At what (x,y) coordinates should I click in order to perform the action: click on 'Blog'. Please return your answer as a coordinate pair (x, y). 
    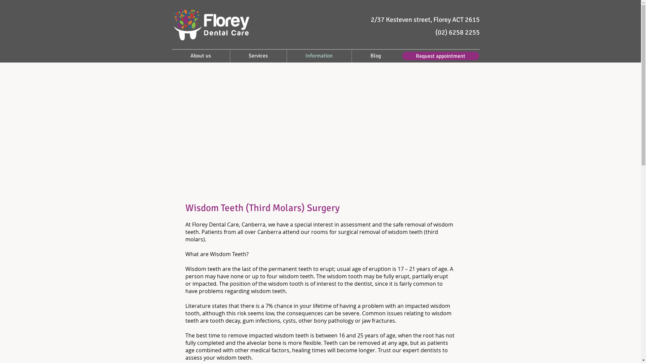
    Looking at the image, I should click on (375, 55).